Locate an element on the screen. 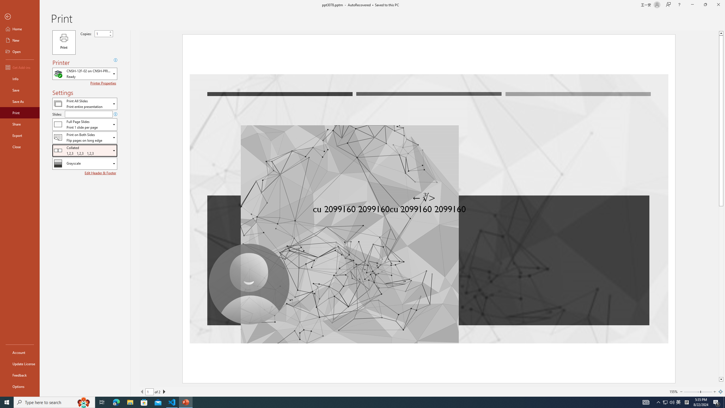 The width and height of the screenshot is (725, 408). 'Account' is located at coordinates (20, 352).